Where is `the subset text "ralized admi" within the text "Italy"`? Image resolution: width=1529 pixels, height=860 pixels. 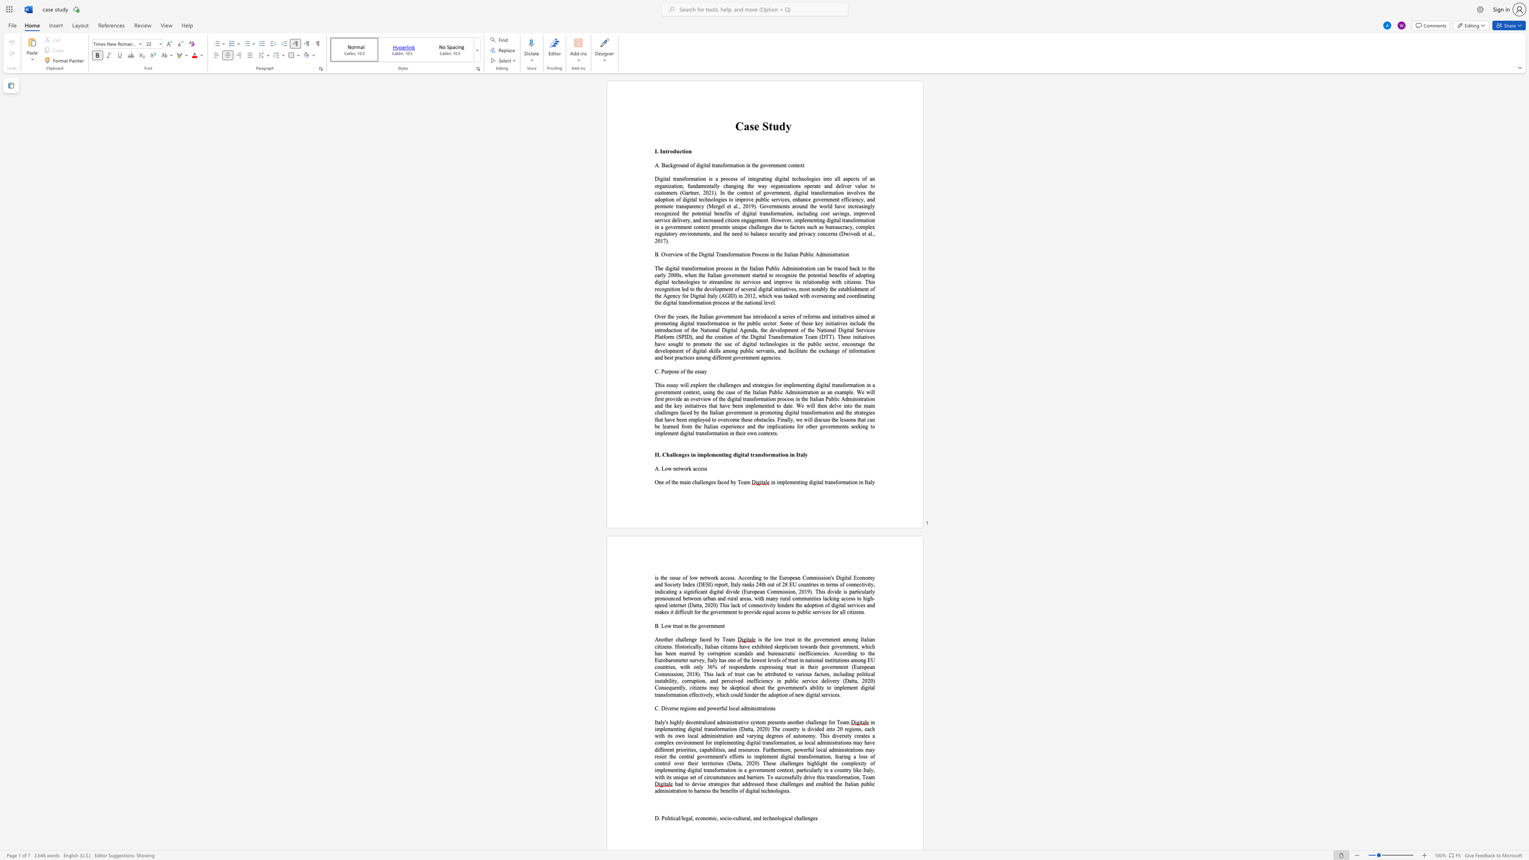 the subset text "ralized admi" within the text "Italy" is located at coordinates (700, 722).